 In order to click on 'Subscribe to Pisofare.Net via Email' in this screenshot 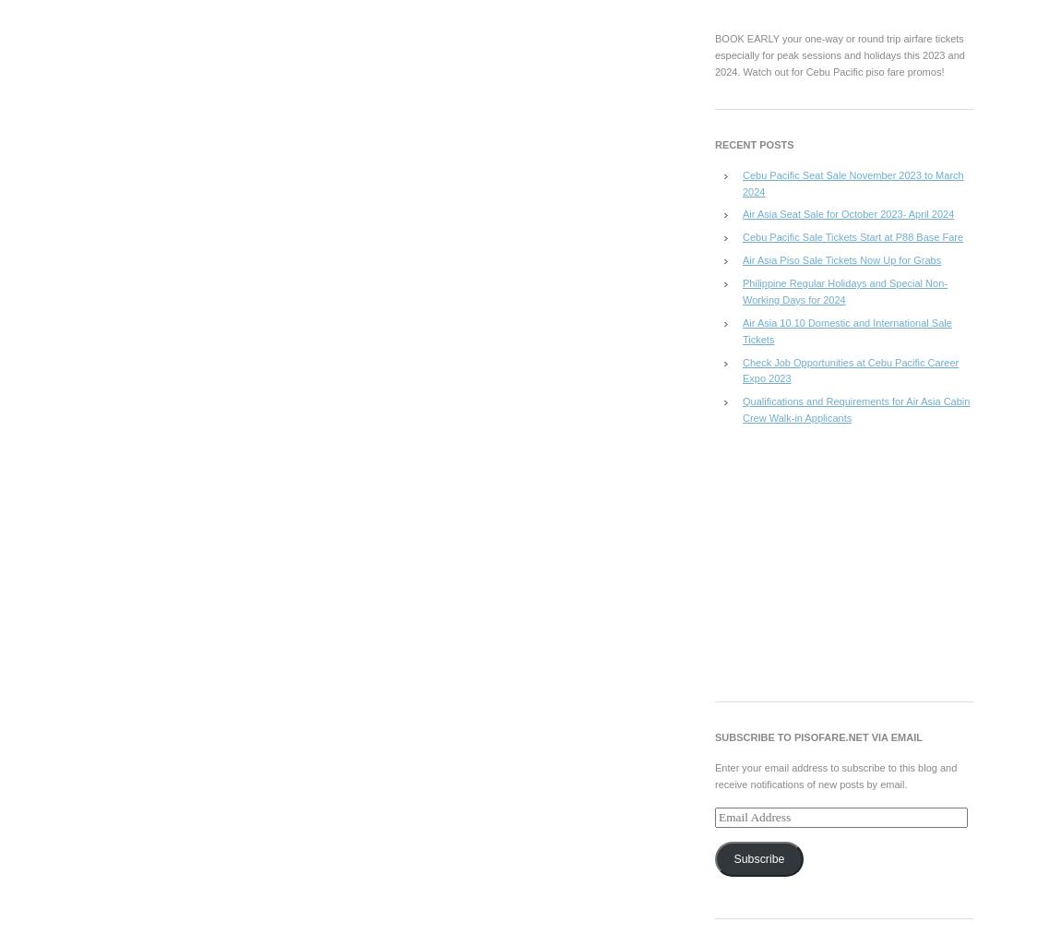, I will do `click(817, 736)`.